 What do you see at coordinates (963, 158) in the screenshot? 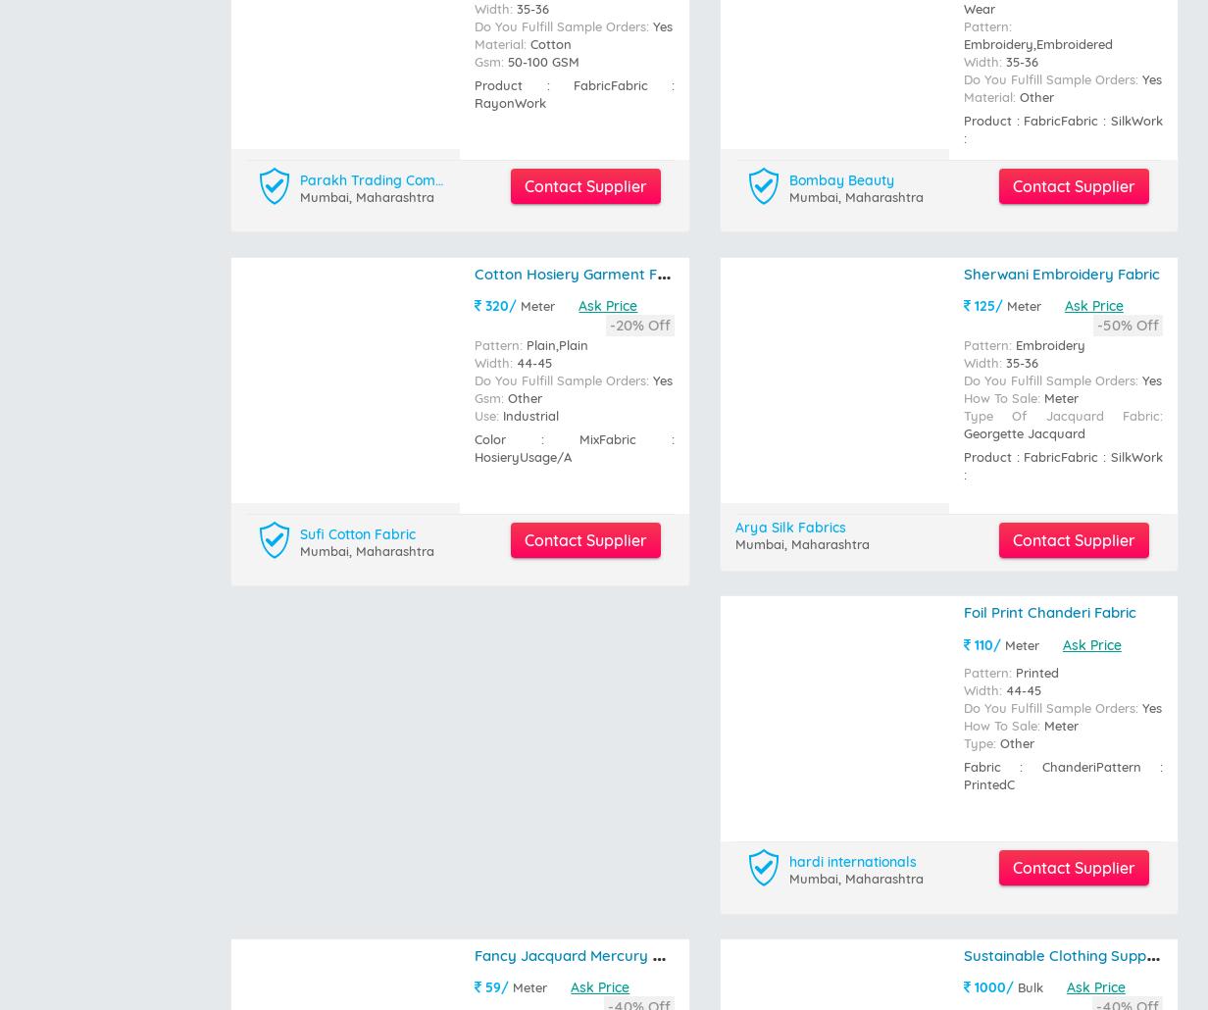
I see `'Ultra Satin Fabric'` at bounding box center [963, 158].